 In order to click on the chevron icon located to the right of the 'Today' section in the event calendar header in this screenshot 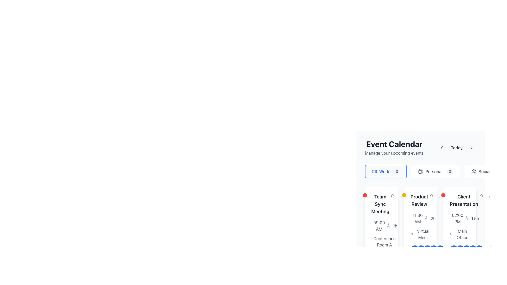, I will do `click(471, 148)`.